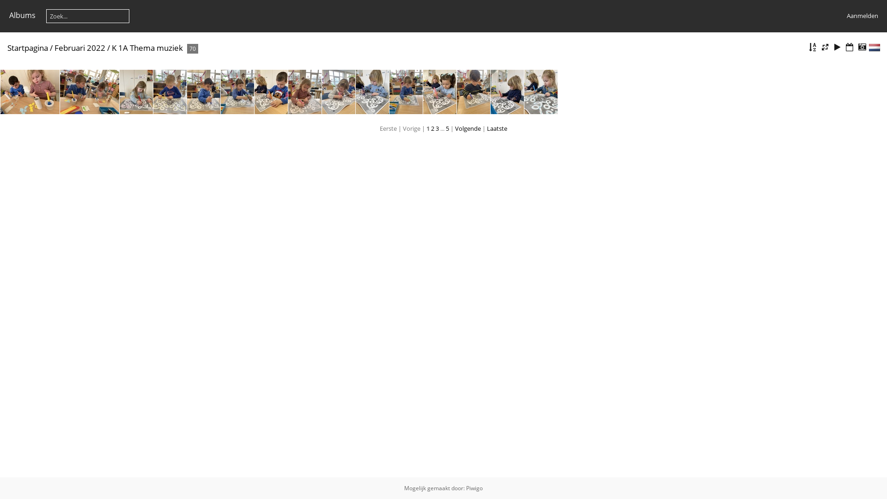  What do you see at coordinates (447, 128) in the screenshot?
I see `'5'` at bounding box center [447, 128].